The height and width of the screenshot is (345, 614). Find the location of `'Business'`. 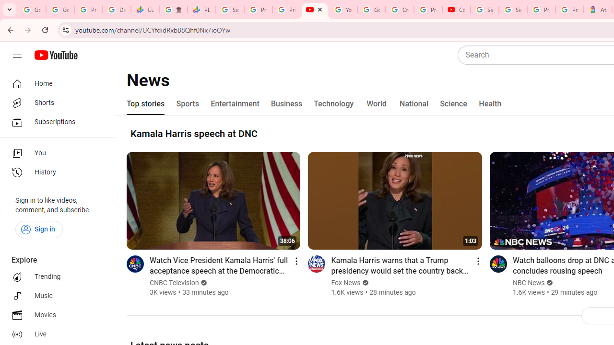

'Business' is located at coordinates (286, 104).